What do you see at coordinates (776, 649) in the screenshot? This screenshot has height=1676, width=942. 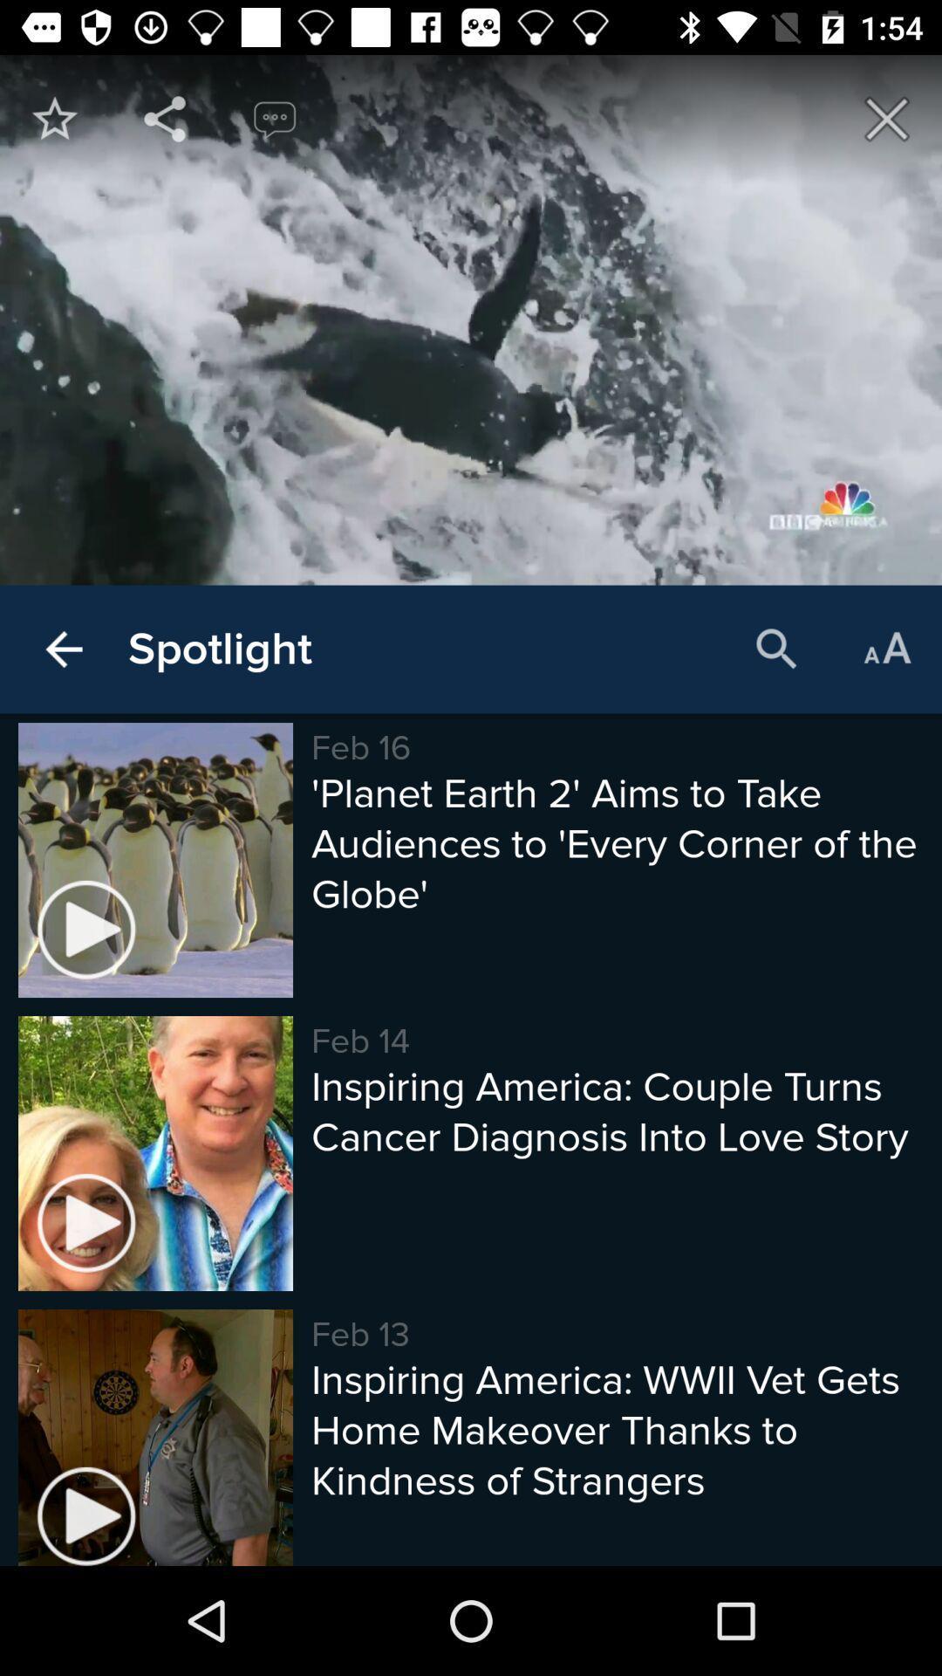 I see `item next to the spotlight` at bounding box center [776, 649].